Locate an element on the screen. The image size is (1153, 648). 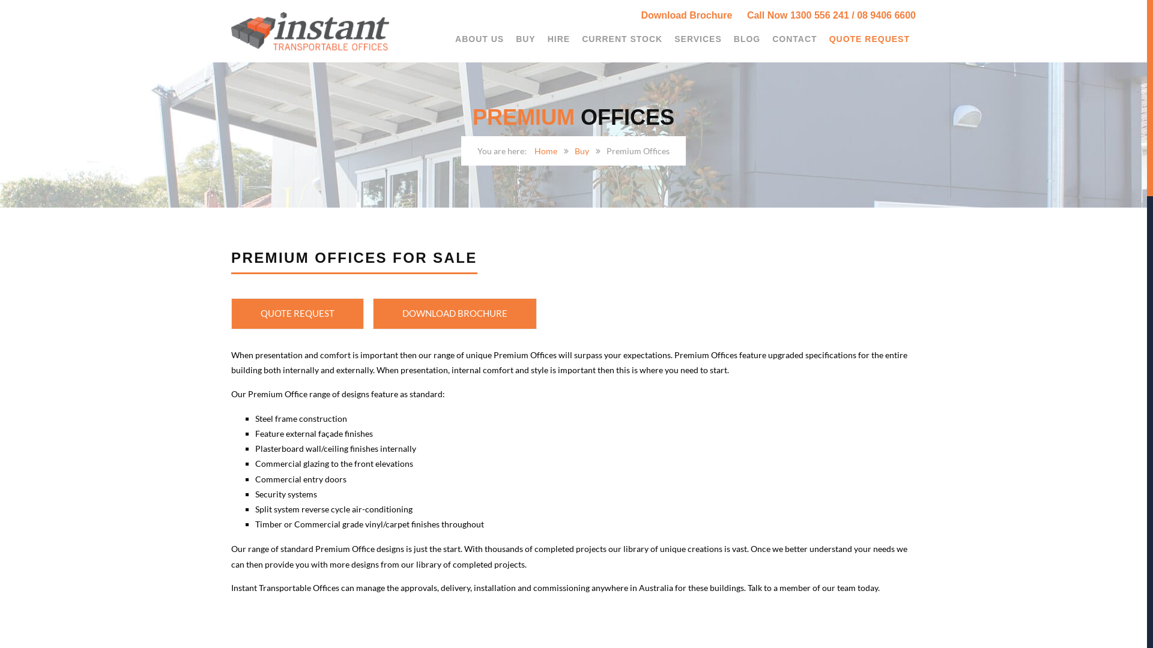
'BUY' is located at coordinates (525, 38).